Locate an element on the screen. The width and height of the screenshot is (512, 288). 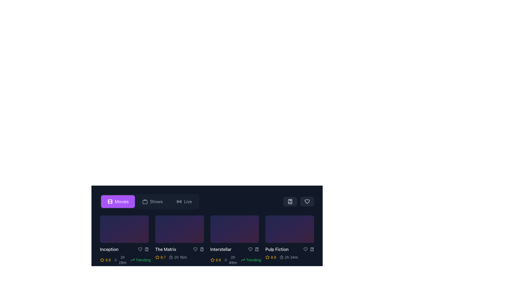
the triangular play icon SVG element located at the bottom-right side of the 'Pulp Fiction' media tile for keyboard interaction is located at coordinates (289, 240).